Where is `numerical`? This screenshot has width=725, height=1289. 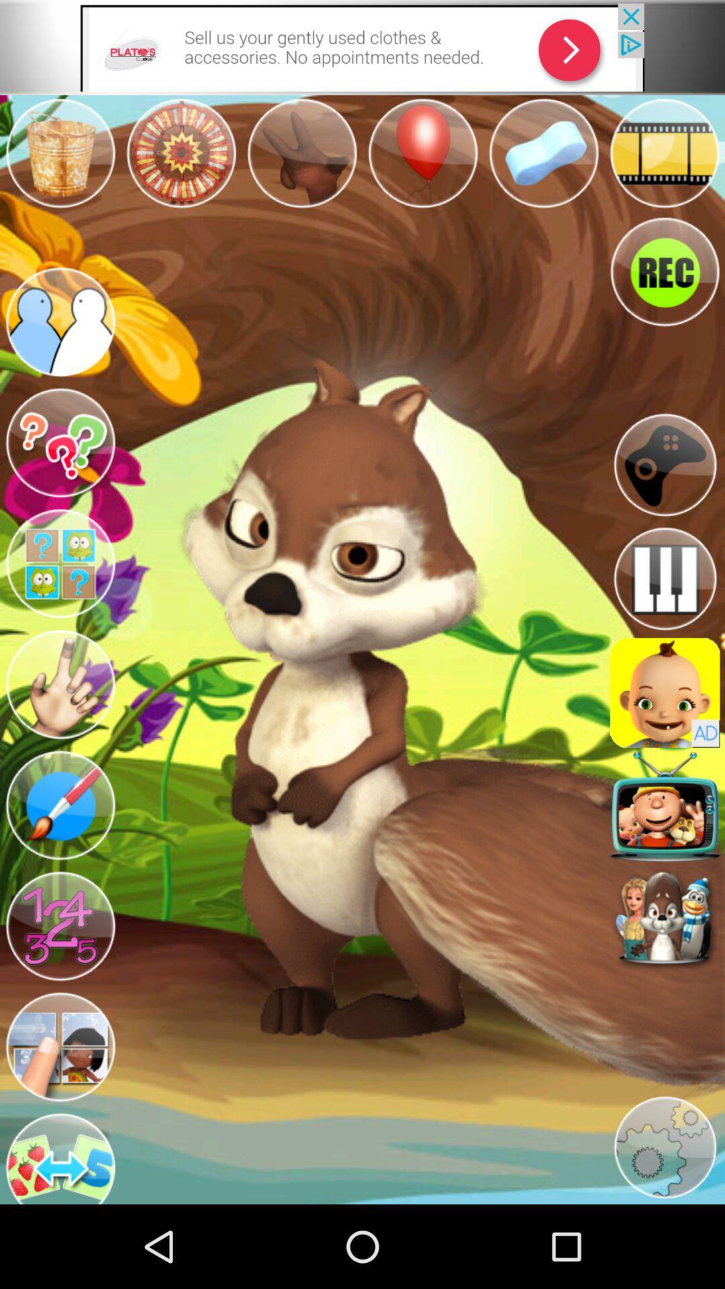 numerical is located at coordinates (59, 926).